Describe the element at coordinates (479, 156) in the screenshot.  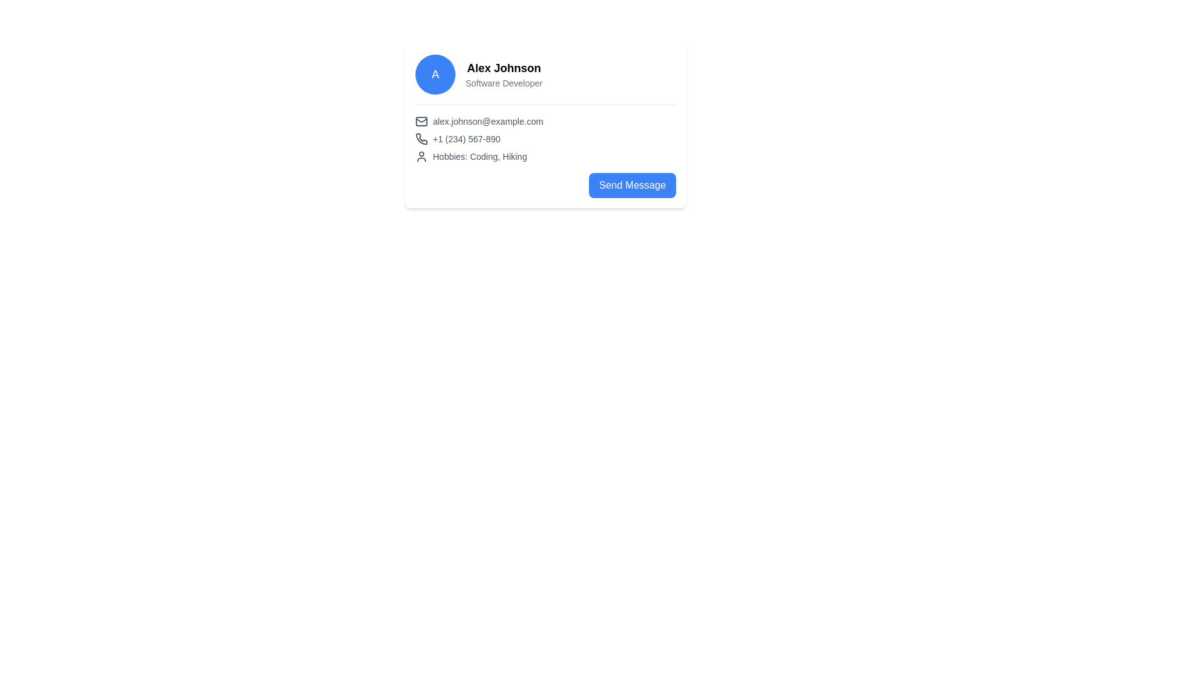
I see `the text label with gray color and smaller font size that reads 'Hobbies: Coding, Hiking', located within the profile card to the right of the contact information` at that location.